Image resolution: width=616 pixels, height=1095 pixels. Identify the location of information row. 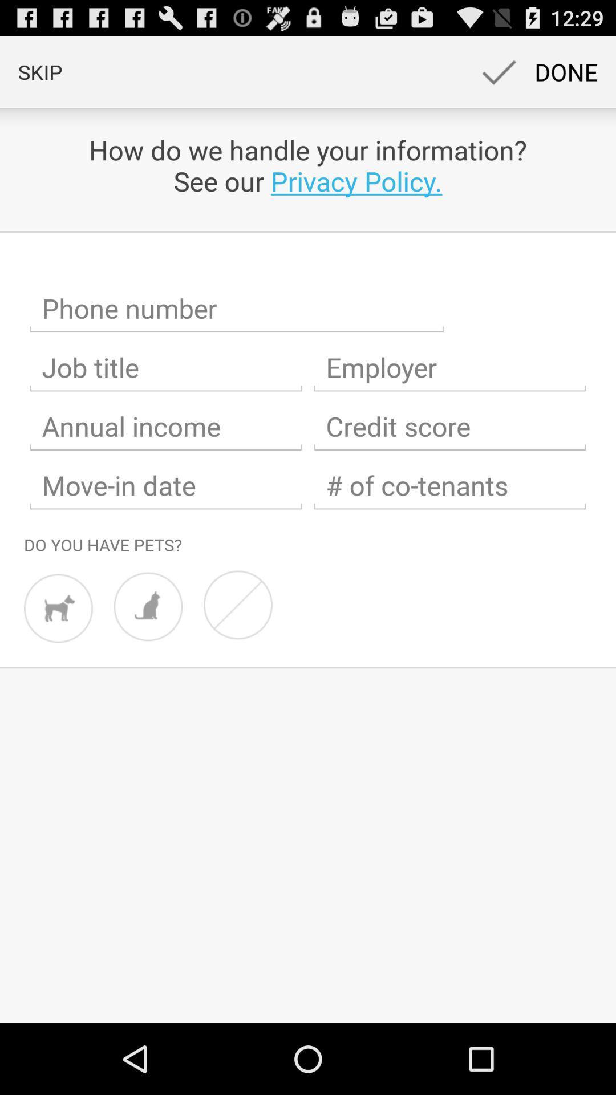
(236, 309).